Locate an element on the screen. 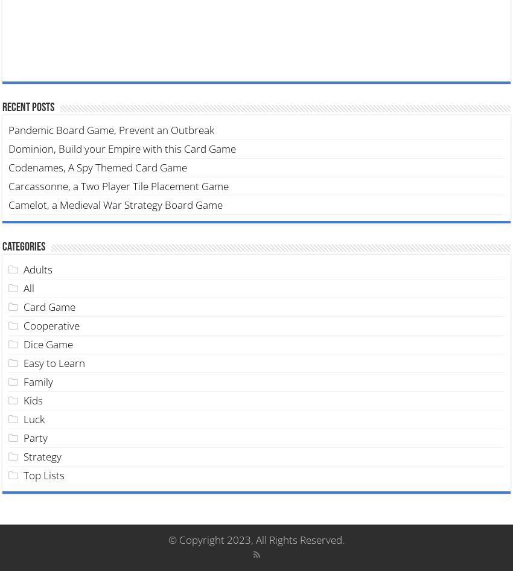 The height and width of the screenshot is (571, 513). 'Codenames, A Spy Themed Card Game' is located at coordinates (98, 166).